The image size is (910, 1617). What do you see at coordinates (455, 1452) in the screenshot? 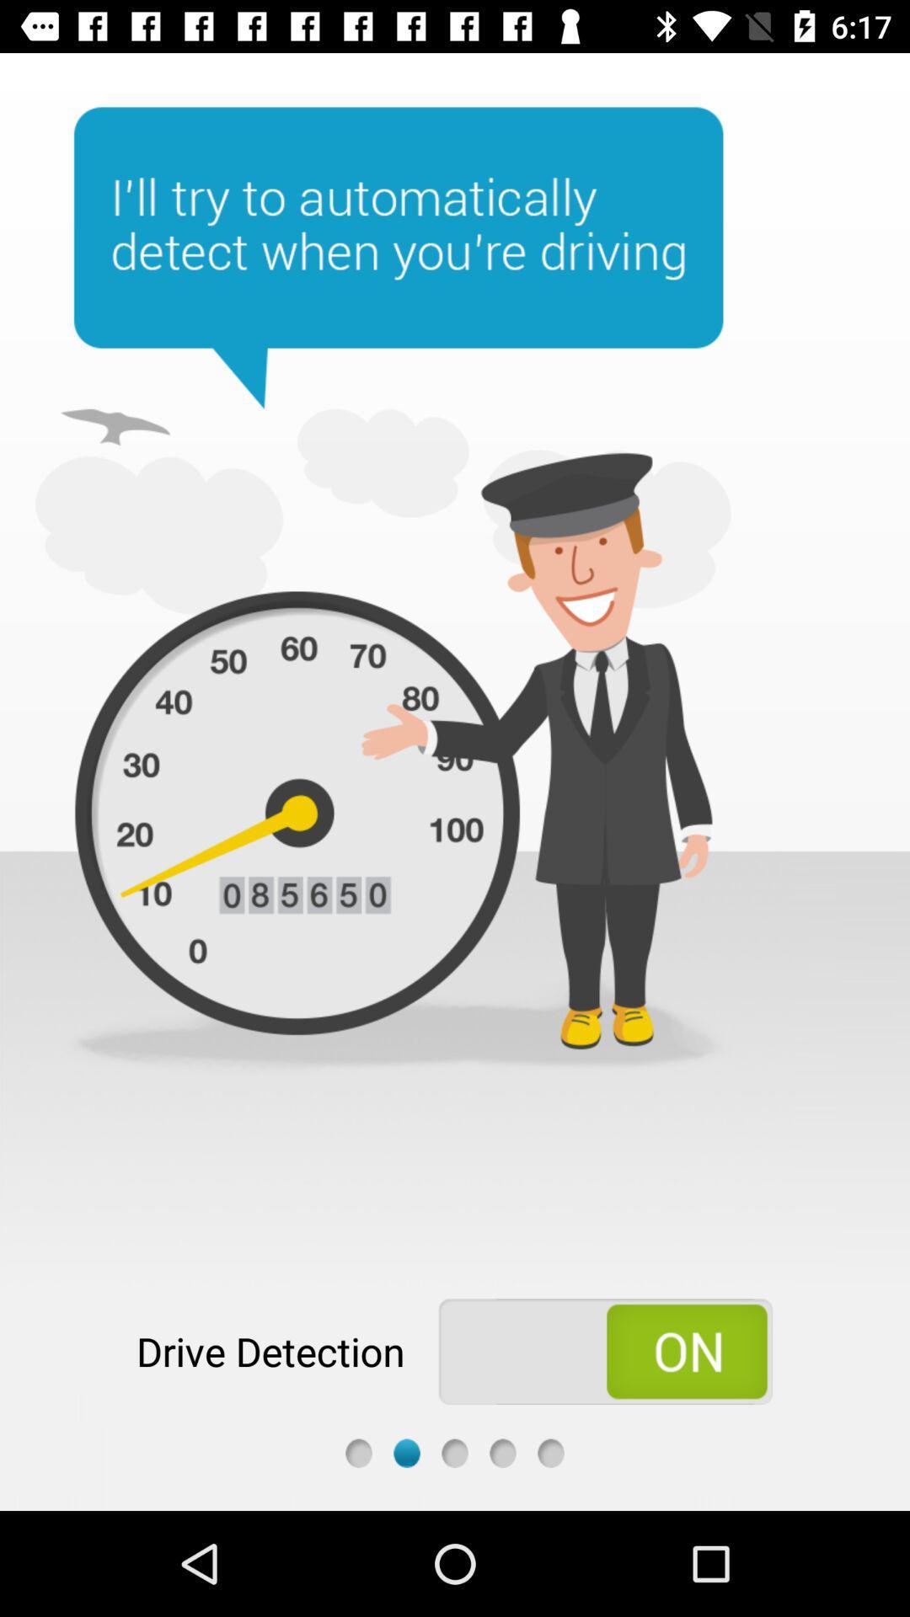
I see `next page` at bounding box center [455, 1452].